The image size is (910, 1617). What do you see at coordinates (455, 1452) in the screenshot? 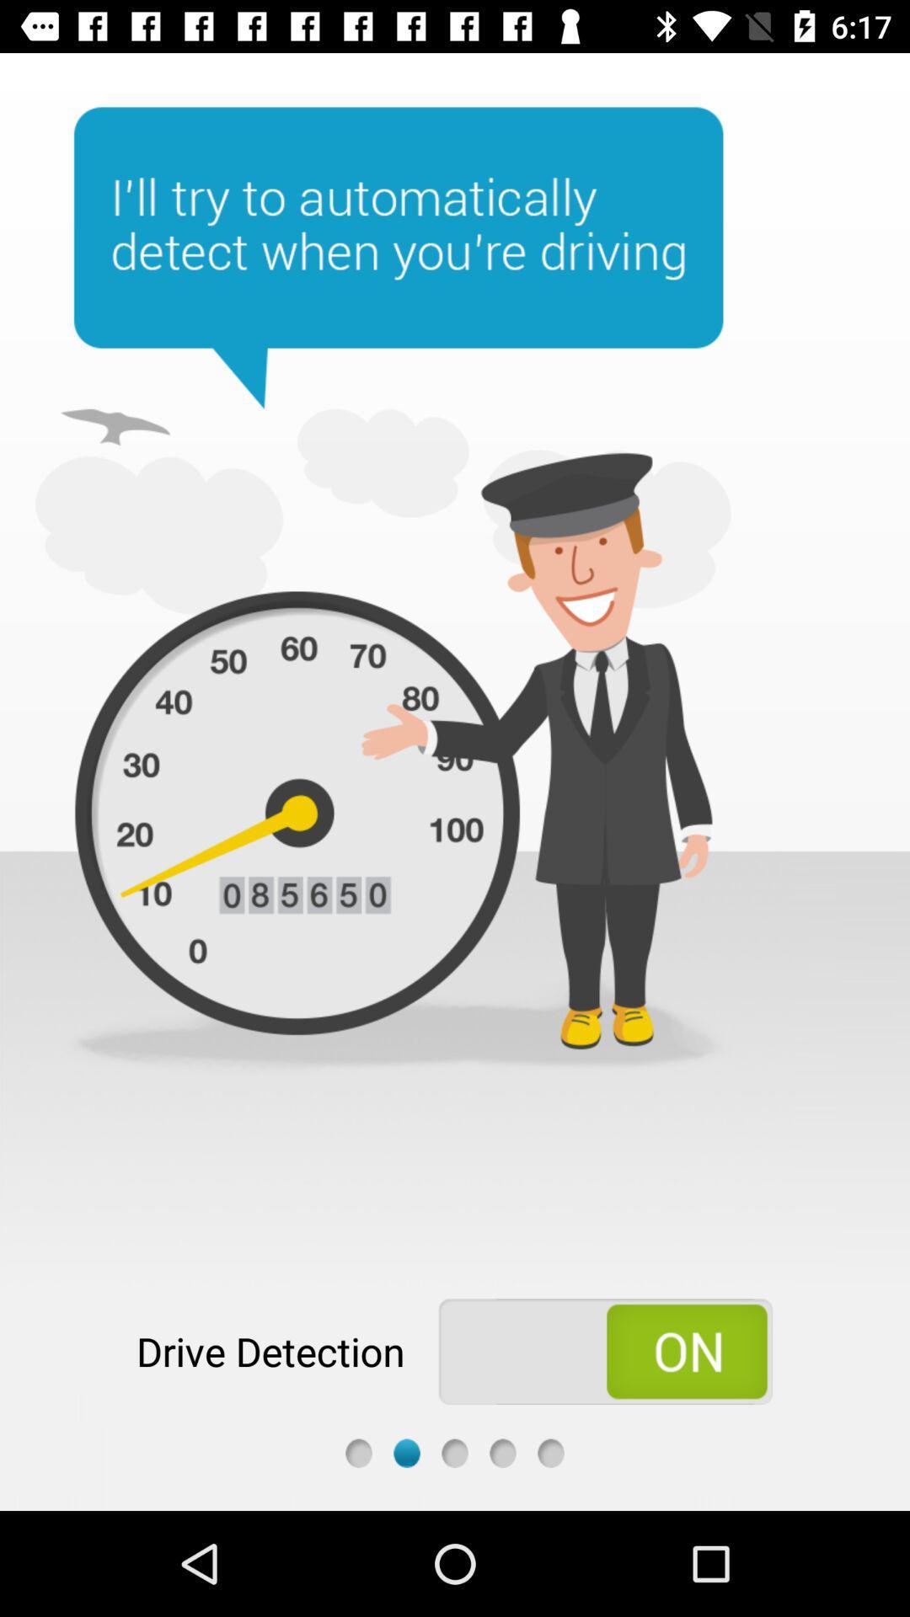
I see `next page` at bounding box center [455, 1452].